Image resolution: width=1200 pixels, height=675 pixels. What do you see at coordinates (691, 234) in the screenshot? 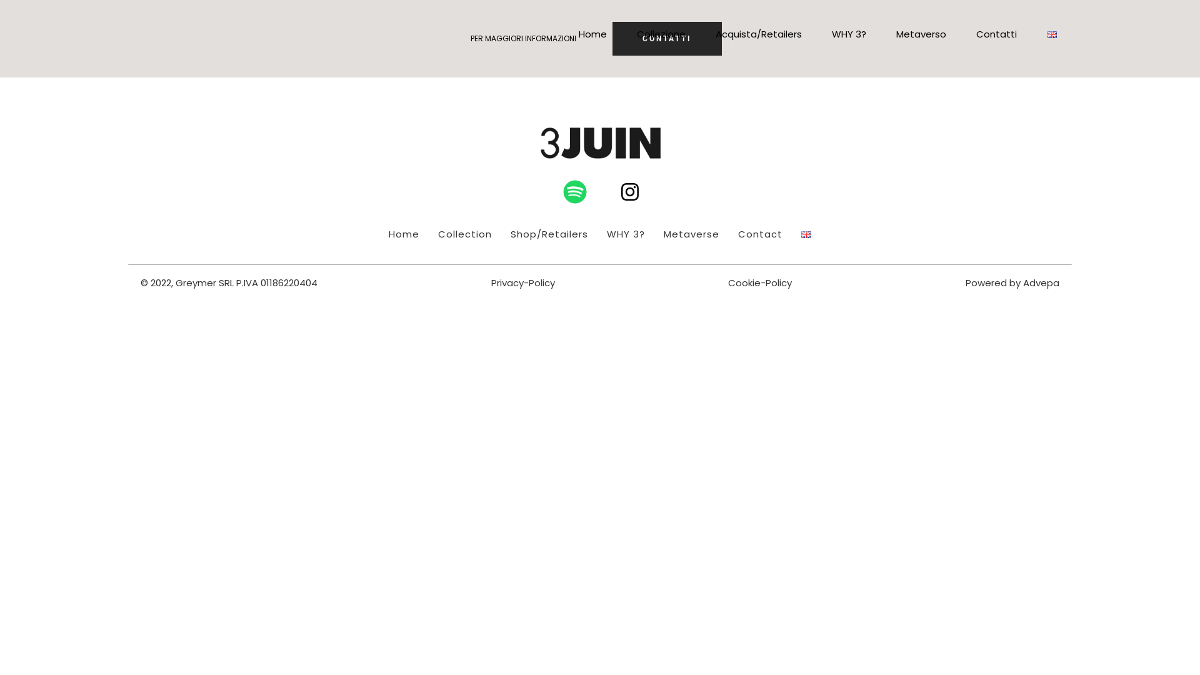
I see `'Metaverse'` at bounding box center [691, 234].